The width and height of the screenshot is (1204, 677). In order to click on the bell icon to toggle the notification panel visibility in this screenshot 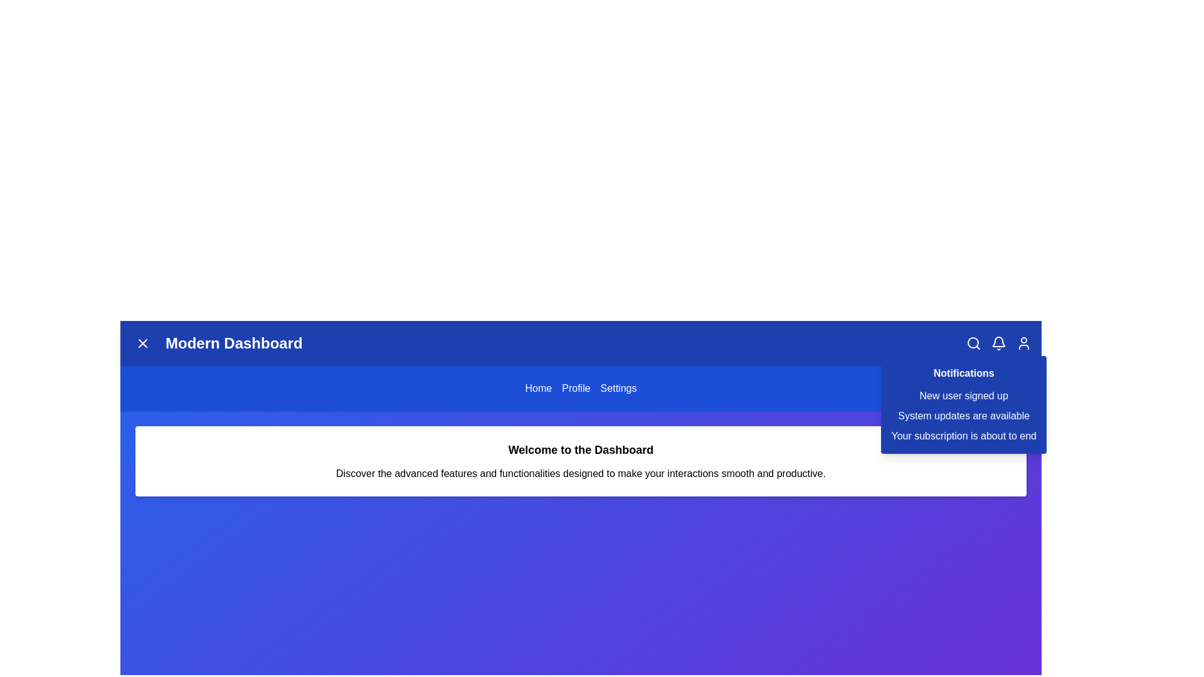, I will do `click(998, 343)`.